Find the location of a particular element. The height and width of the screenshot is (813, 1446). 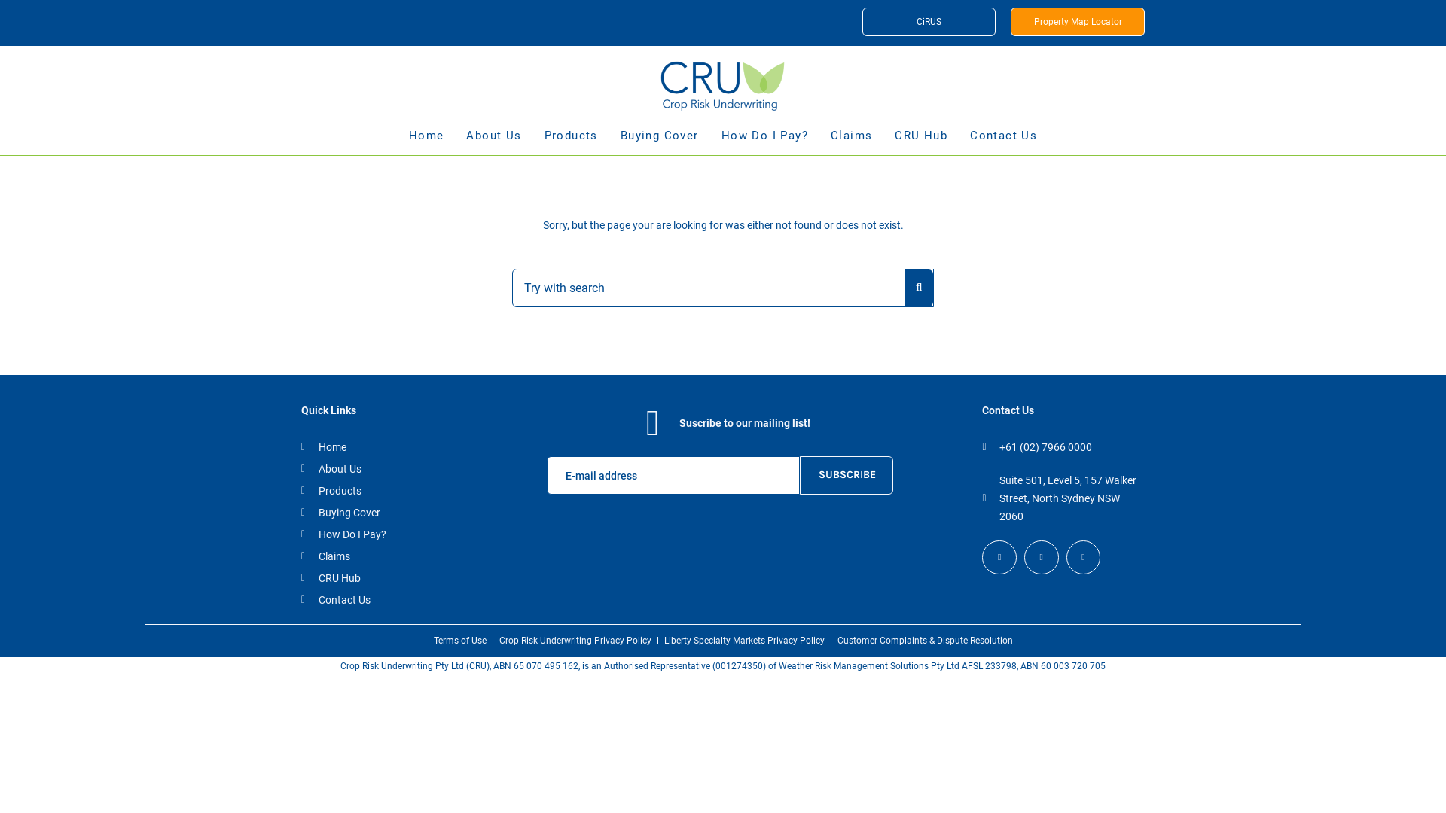

'Products' is located at coordinates (380, 490).